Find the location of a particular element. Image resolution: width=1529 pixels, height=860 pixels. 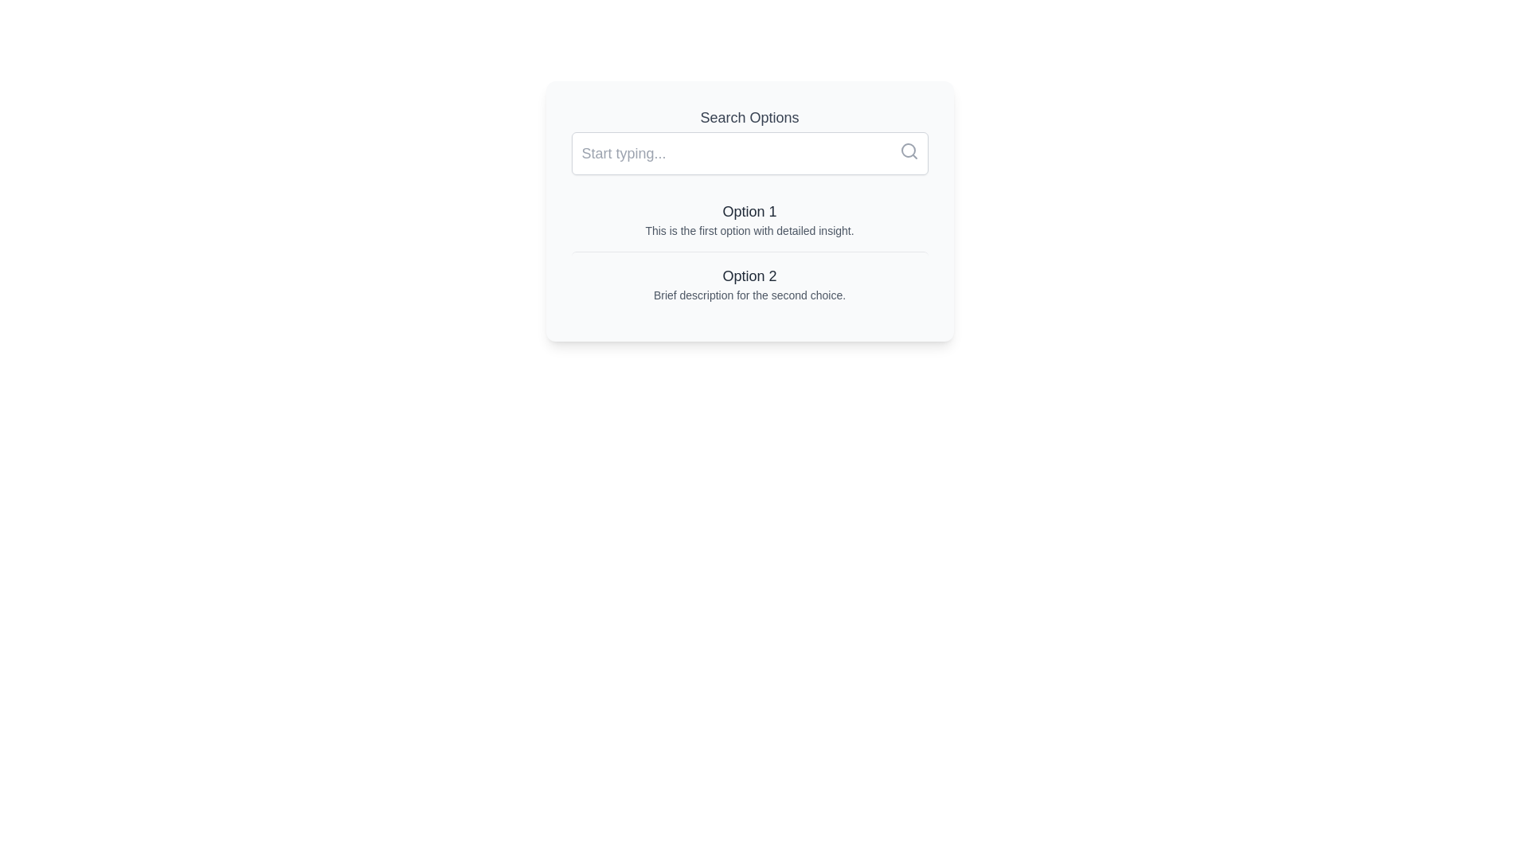

the first selectable list item labeled 'Option 1' is located at coordinates (749, 220).